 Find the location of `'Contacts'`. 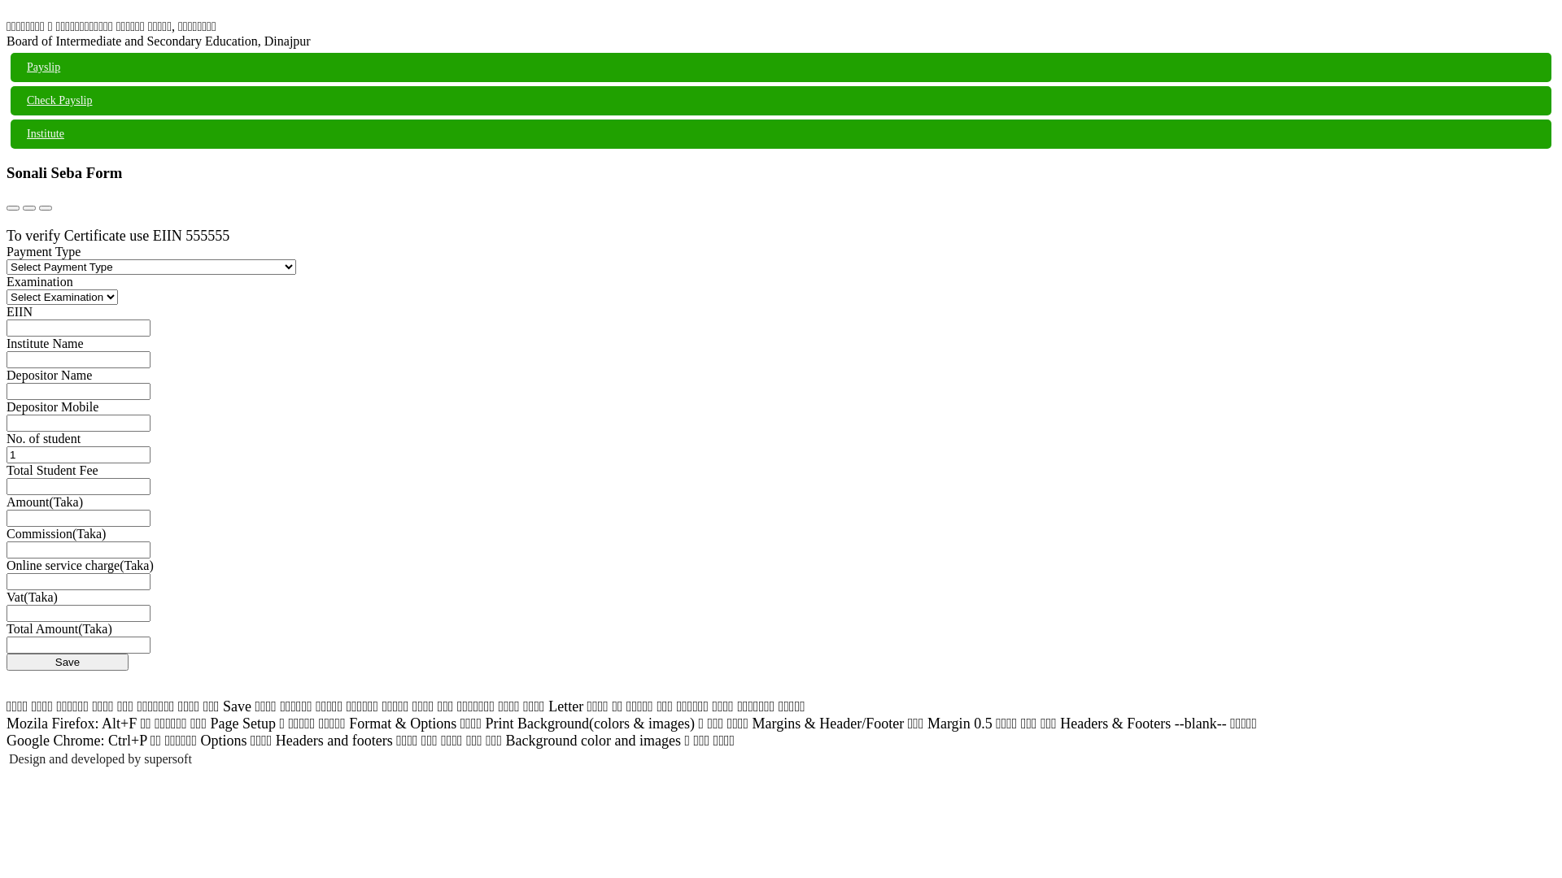

'Contacts' is located at coordinates (28, 206).